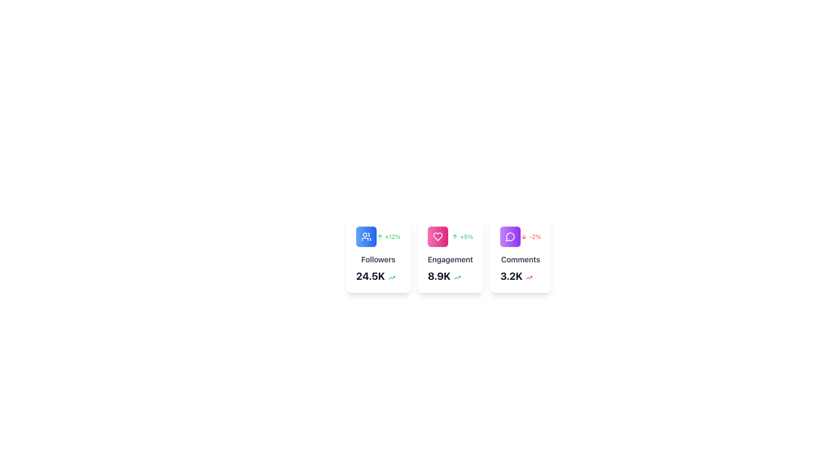  I want to click on the Decorative Bar element located at the bottom of the 'Comments' statistics card, beneath the text '3.2K', so click(520, 292).